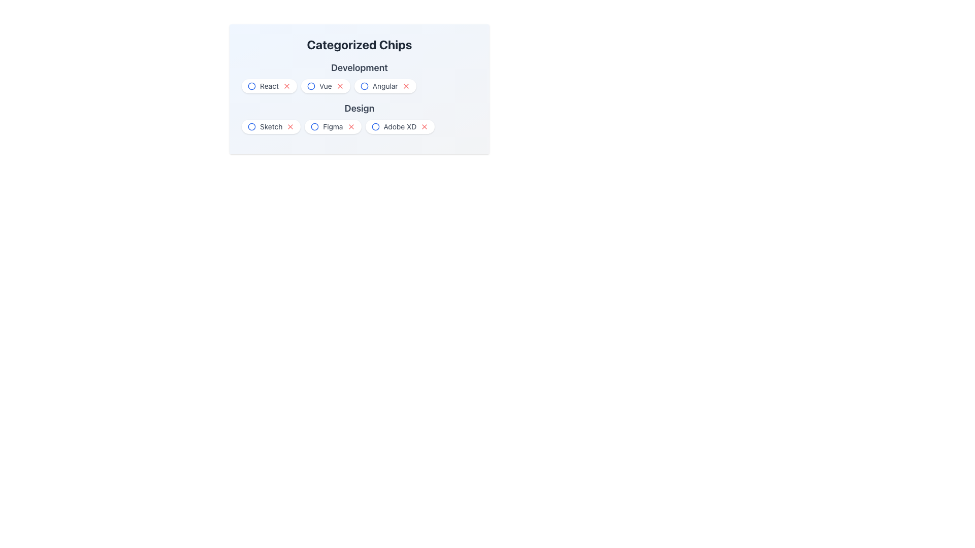  What do you see at coordinates (314, 126) in the screenshot?
I see `the circular icon with a blue border located at the leftmost side of the 'Design' group chip labeled 'Figma'` at bounding box center [314, 126].